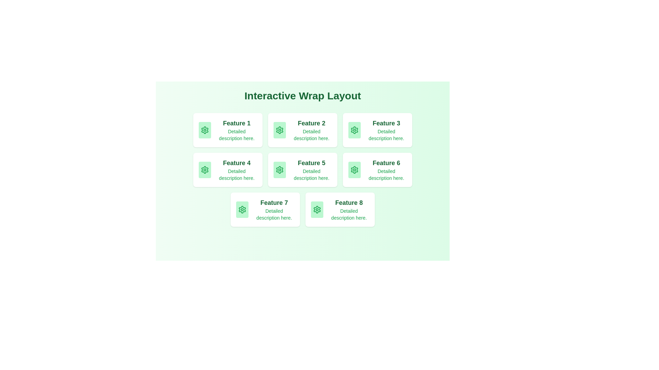 This screenshot has height=370, width=659. I want to click on the text element reading 'Detailed description here.' that is styled with a green font color and positioned beneath the title 'Feature 5.', so click(311, 174).